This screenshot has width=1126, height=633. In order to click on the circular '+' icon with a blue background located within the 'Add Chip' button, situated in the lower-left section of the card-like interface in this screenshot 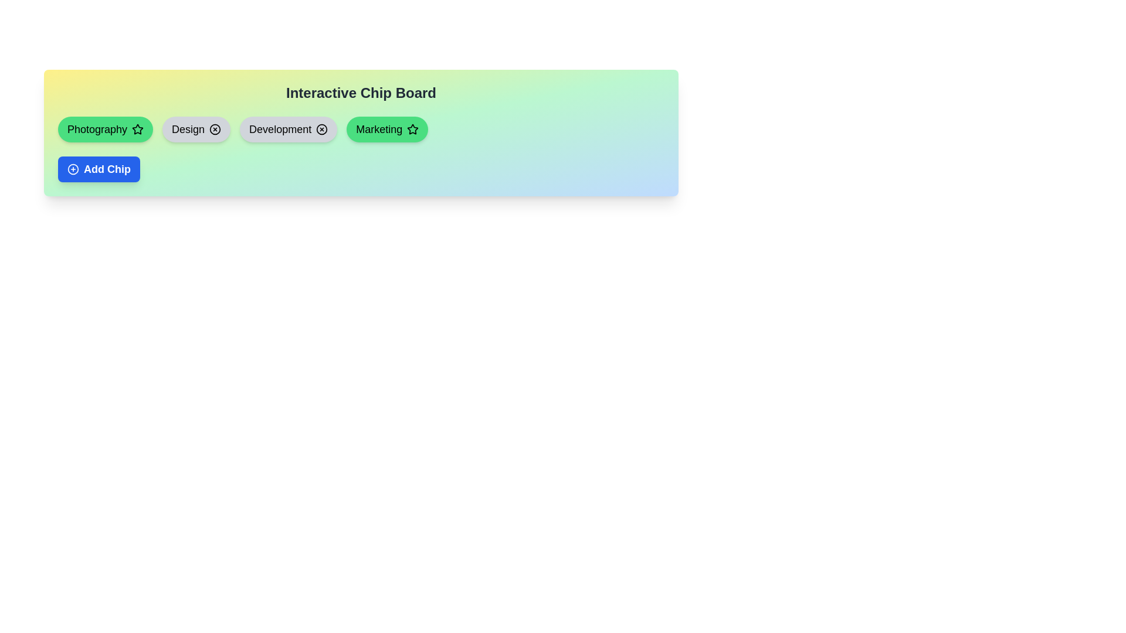, I will do `click(72, 169)`.